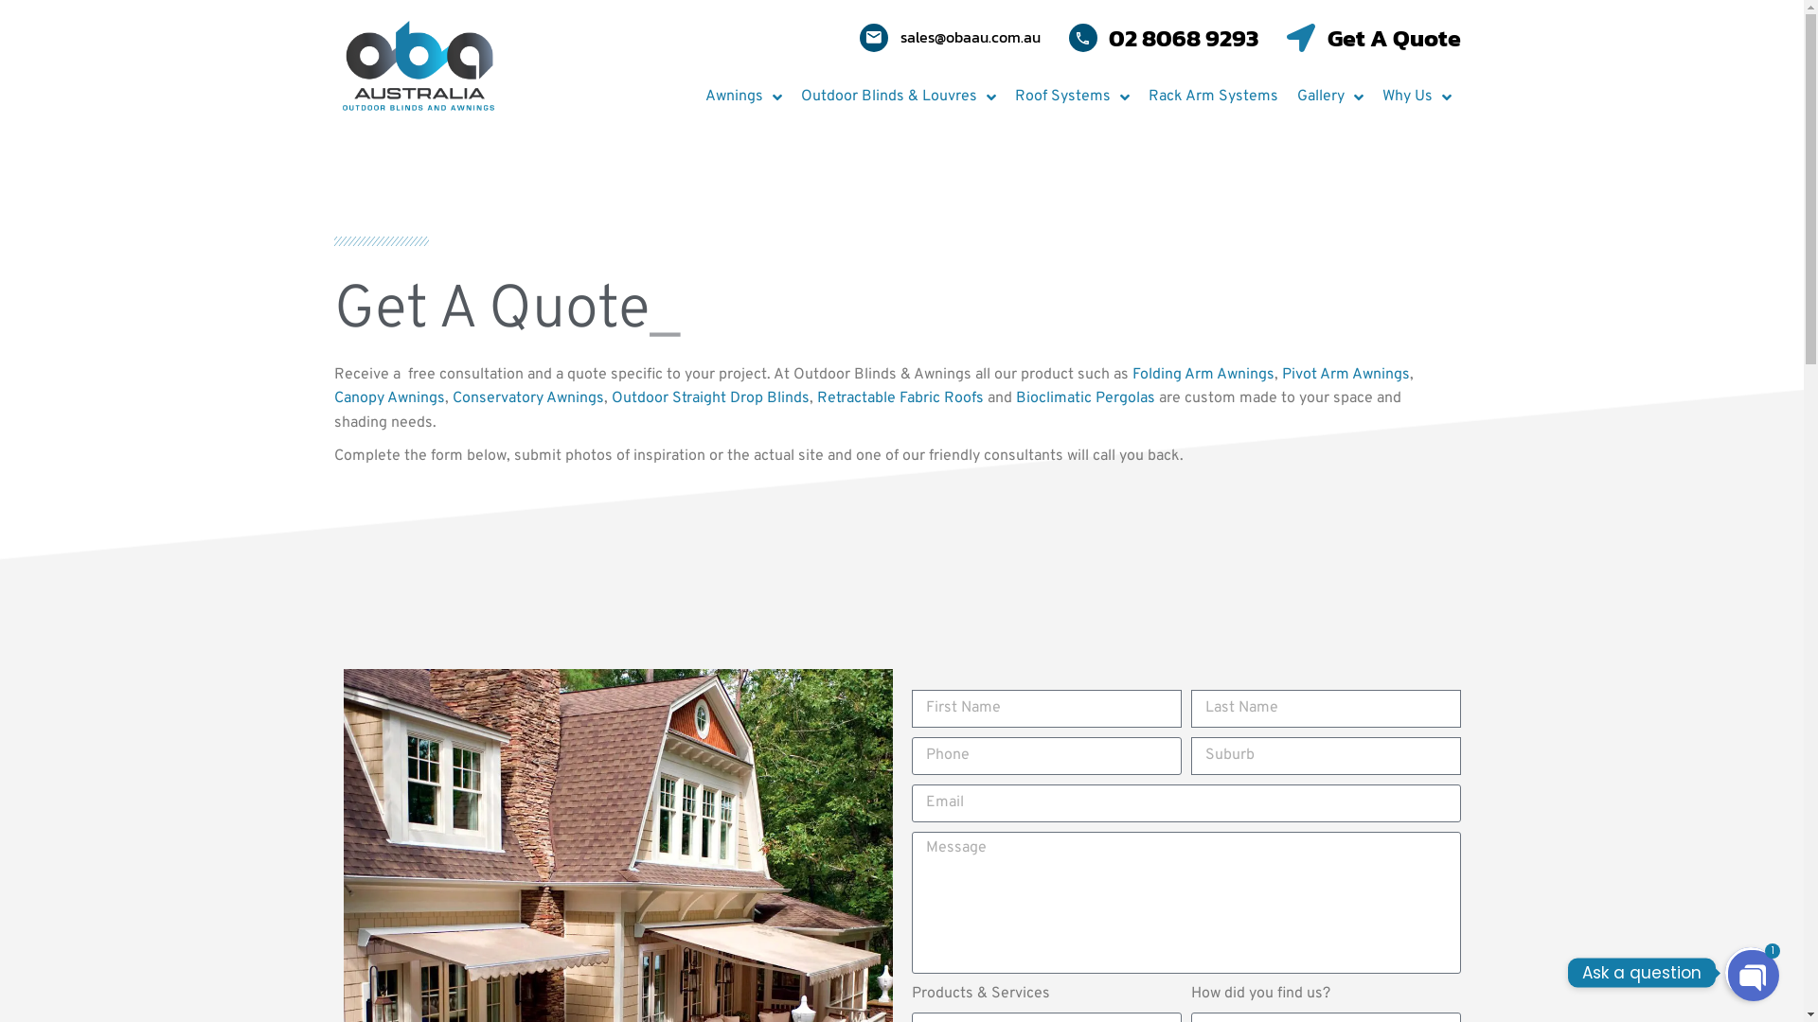 This screenshot has width=1818, height=1022. Describe the element at coordinates (1084, 396) in the screenshot. I see `'Bioclimatic Pergolas'` at that location.